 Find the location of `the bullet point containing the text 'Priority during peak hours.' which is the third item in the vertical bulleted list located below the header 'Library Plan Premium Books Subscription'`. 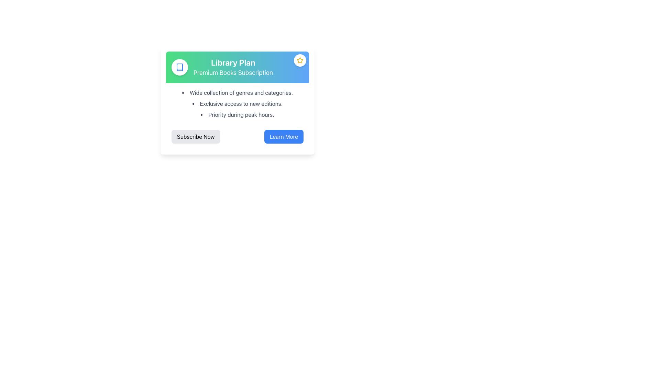

the bullet point containing the text 'Priority during peak hours.' which is the third item in the vertical bulleted list located below the header 'Library Plan Premium Books Subscription' is located at coordinates (238, 114).